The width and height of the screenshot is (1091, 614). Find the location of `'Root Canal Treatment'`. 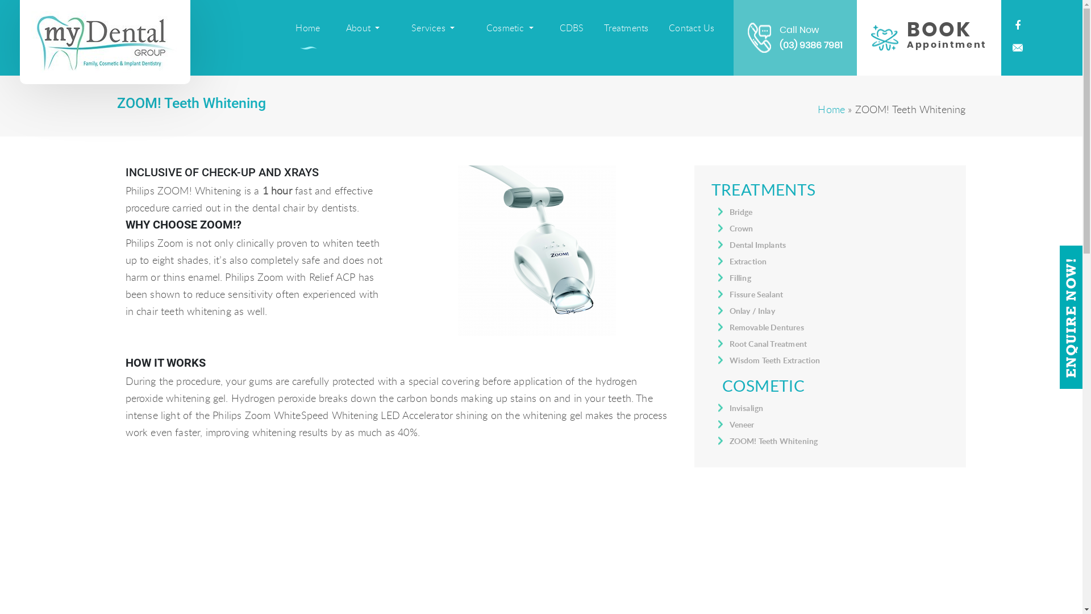

'Root Canal Treatment' is located at coordinates (768, 343).